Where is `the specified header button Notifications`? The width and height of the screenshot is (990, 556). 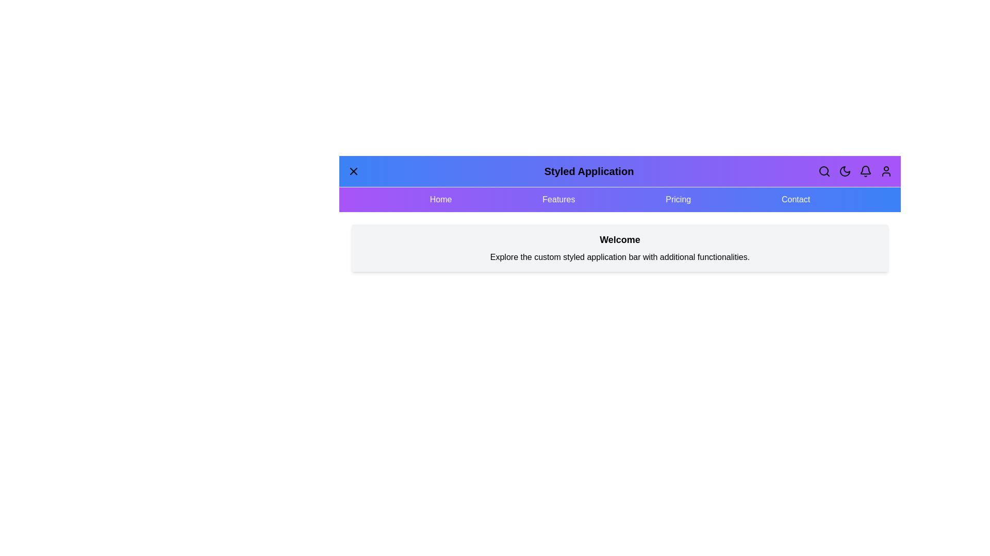
the specified header button Notifications is located at coordinates (866, 170).